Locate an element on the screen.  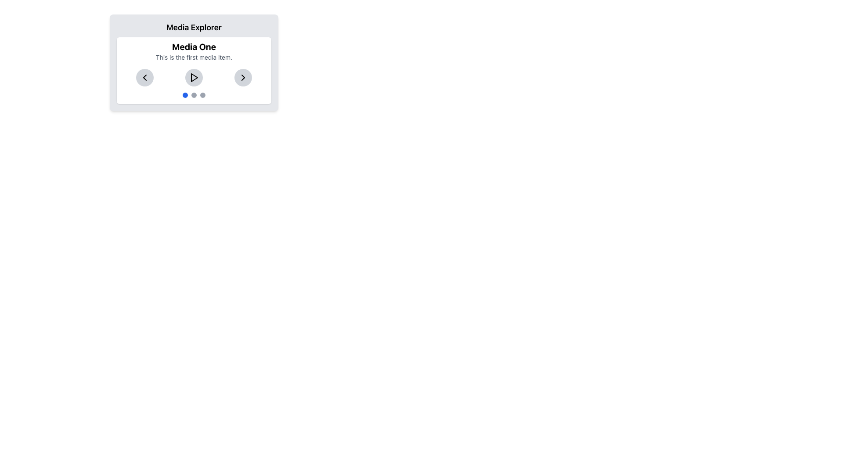
the last interactive indicator dot, which serves as an inactive navigation indicator for selecting the corresponding media item in the carousel is located at coordinates (202, 95).